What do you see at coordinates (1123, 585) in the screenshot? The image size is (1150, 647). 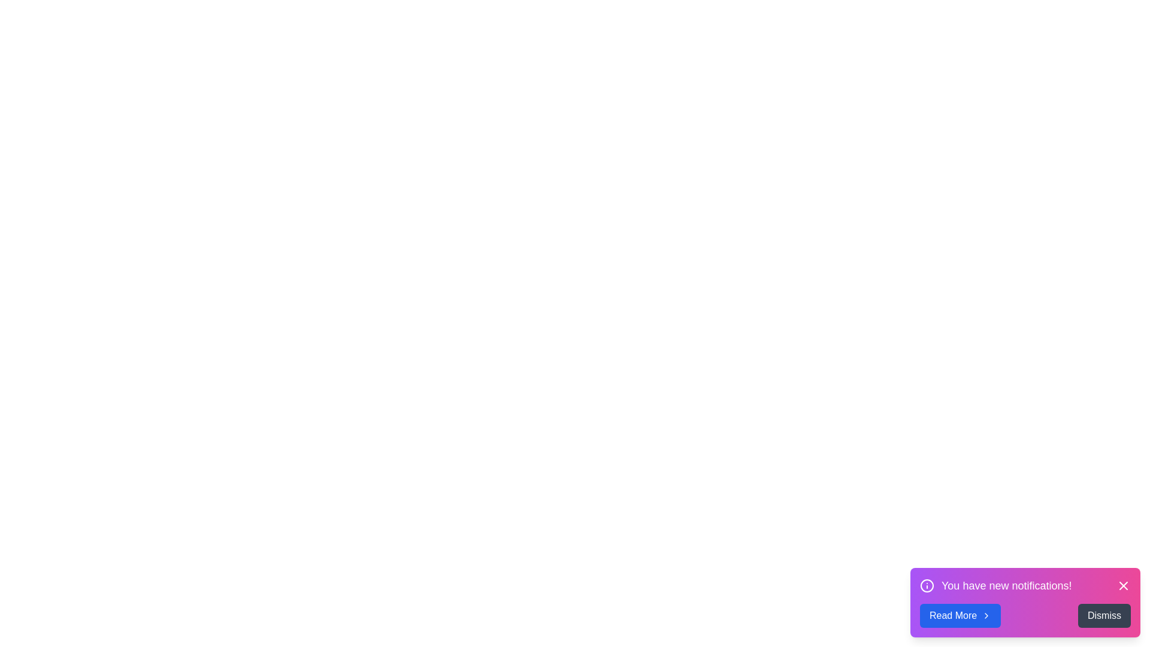 I see `the dismiss/close button, which is a small button with a pink background and a white cross icon, located at the rightmost side of the notification bar` at bounding box center [1123, 585].